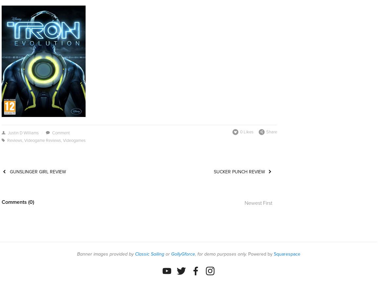 The width and height of the screenshot is (382, 308). I want to click on 'or', so click(167, 254).